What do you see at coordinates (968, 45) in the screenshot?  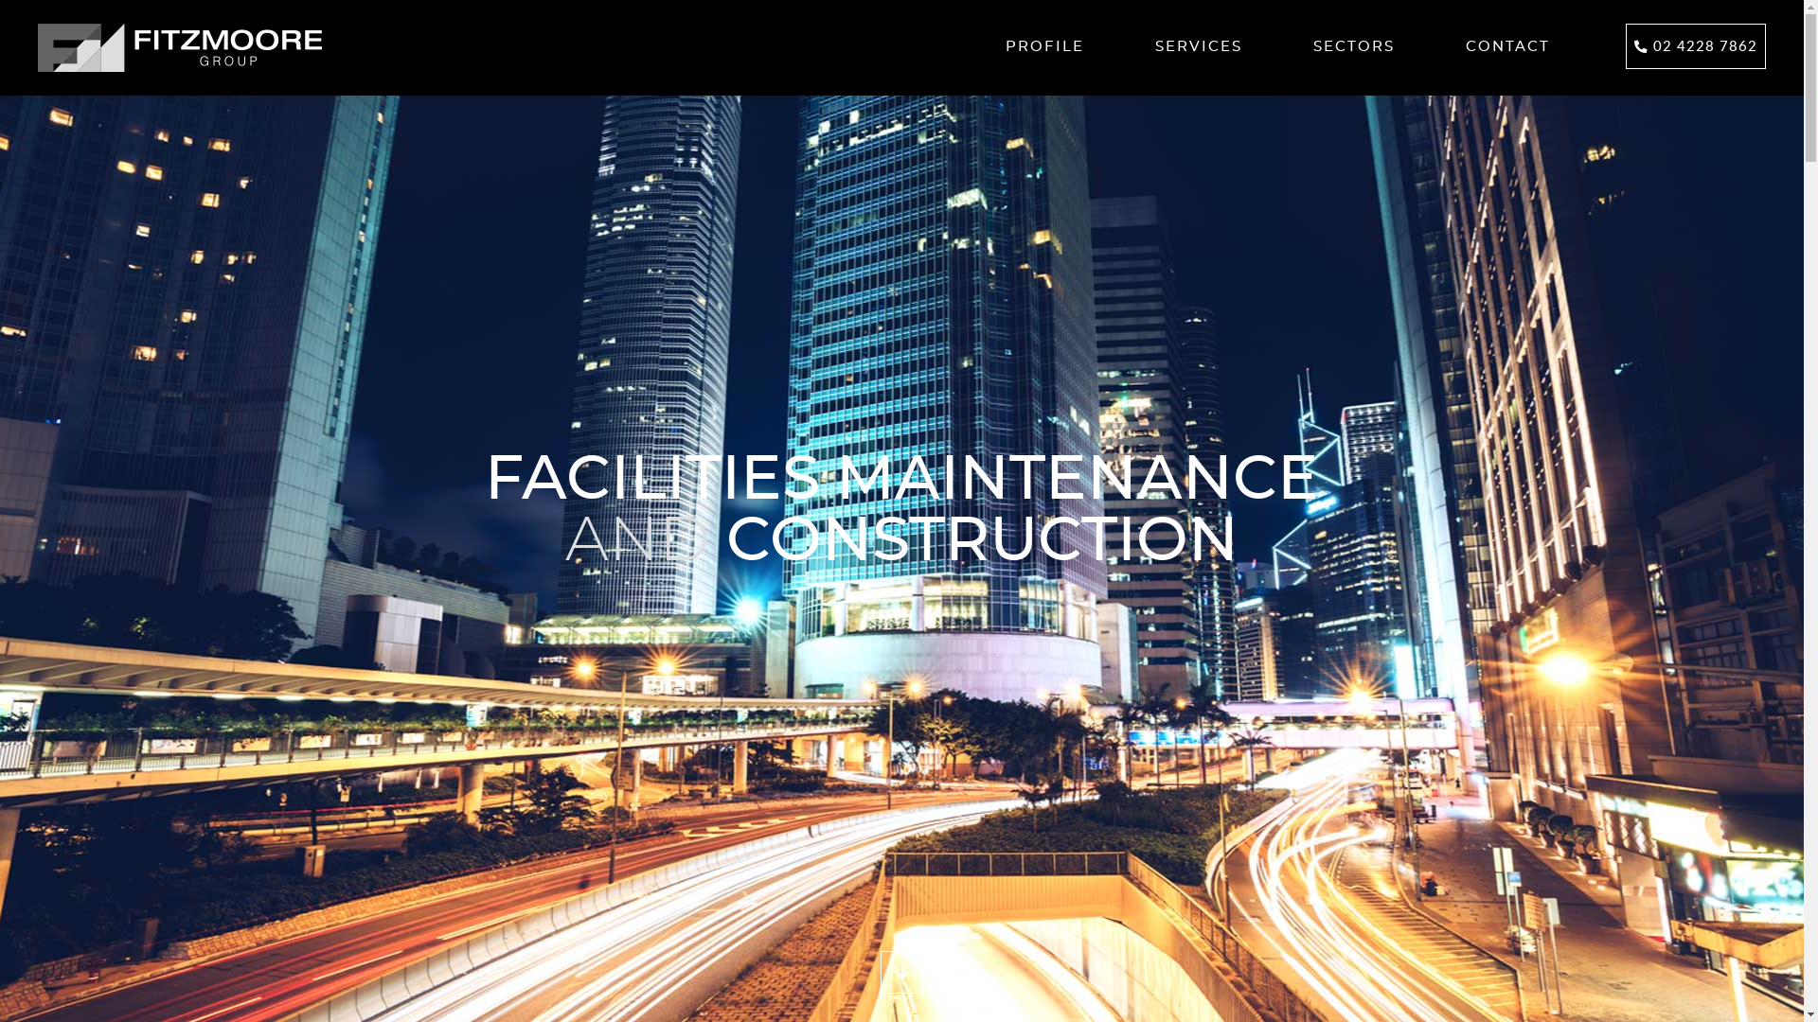 I see `'PROFILE'` at bounding box center [968, 45].